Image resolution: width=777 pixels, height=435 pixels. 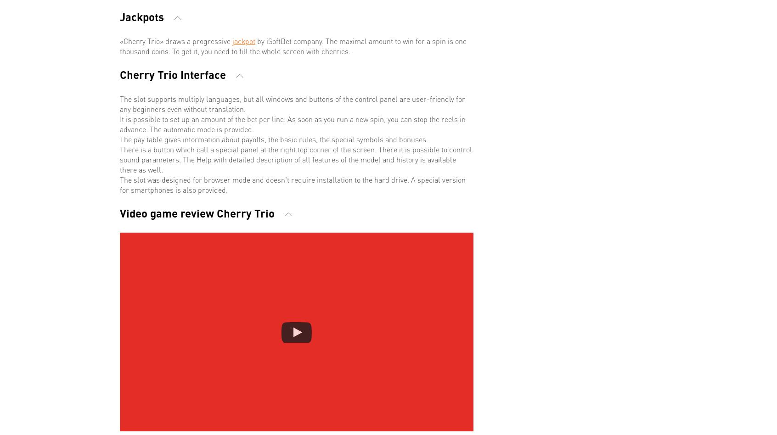 I want to click on 'It is possible to set up an amount of the bet per line. As soon as you run a new spin, you can stop the reels in advance. The automatic mode is provided.', so click(x=293, y=123).